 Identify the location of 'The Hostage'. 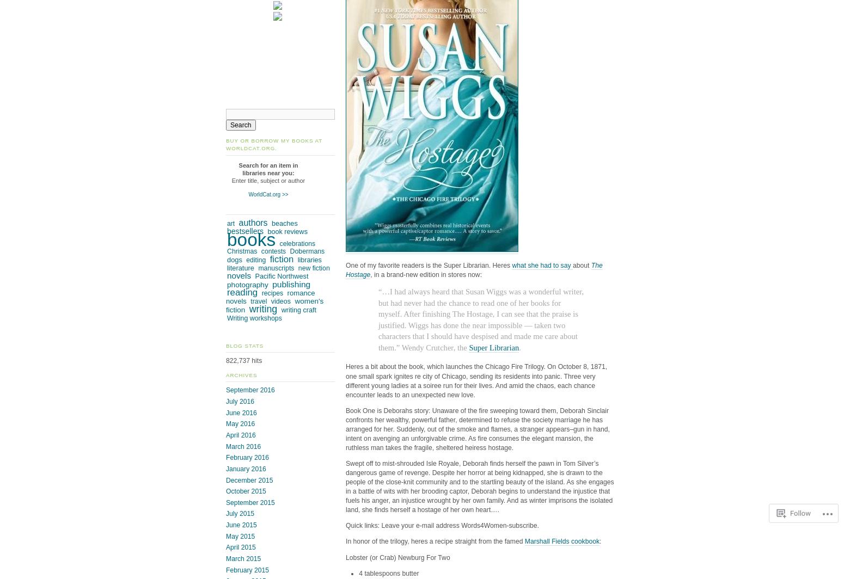
(474, 270).